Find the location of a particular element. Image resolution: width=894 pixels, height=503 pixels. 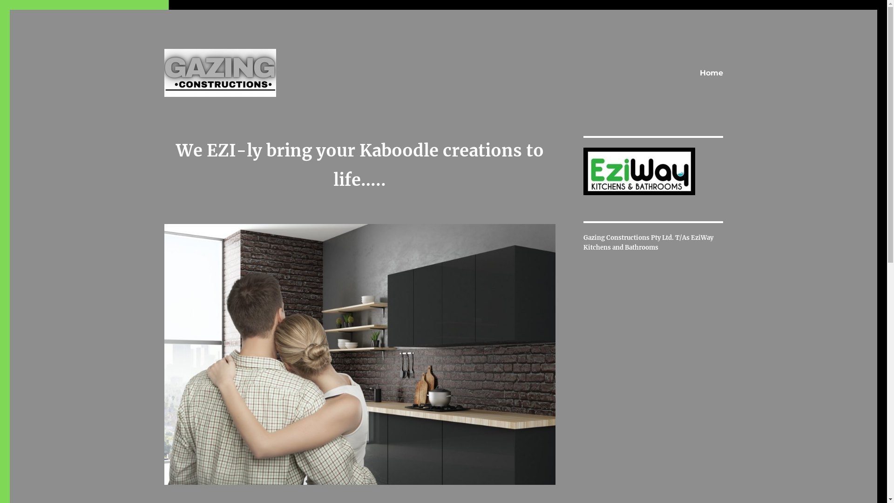

'Home' is located at coordinates (710, 73).